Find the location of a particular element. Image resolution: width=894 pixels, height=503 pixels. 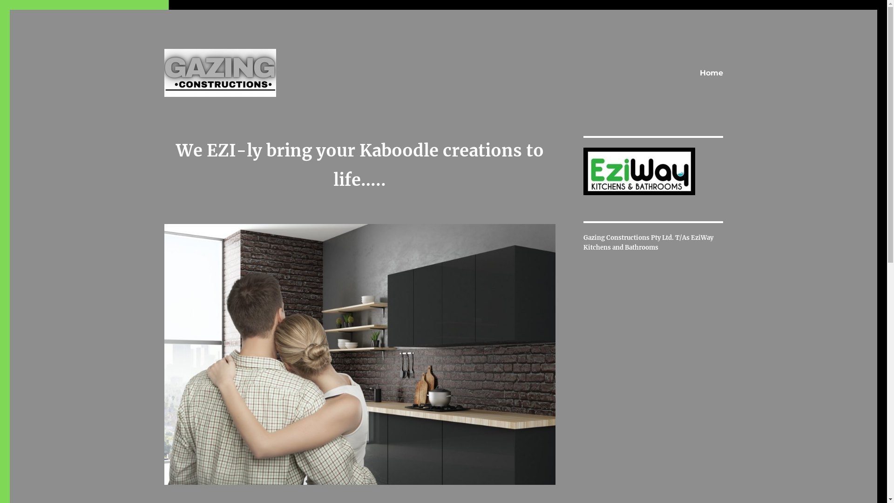

'Home' is located at coordinates (710, 73).